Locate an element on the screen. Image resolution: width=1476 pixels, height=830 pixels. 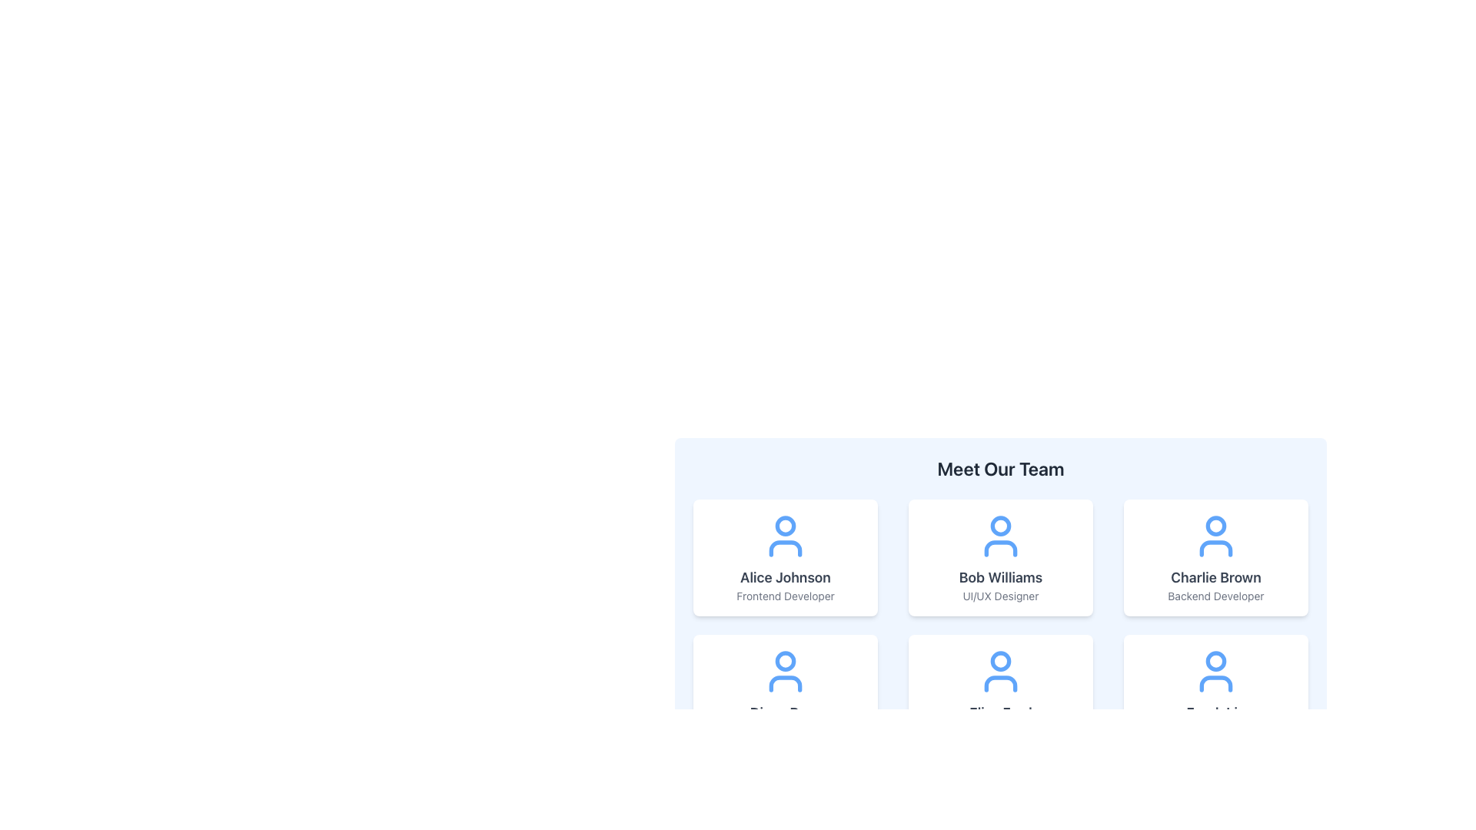
the Profile Card displaying information about the individual positioned between 'Alice Johnson' and 'Charlie Brown' in the team display component is located at coordinates (1000, 557).